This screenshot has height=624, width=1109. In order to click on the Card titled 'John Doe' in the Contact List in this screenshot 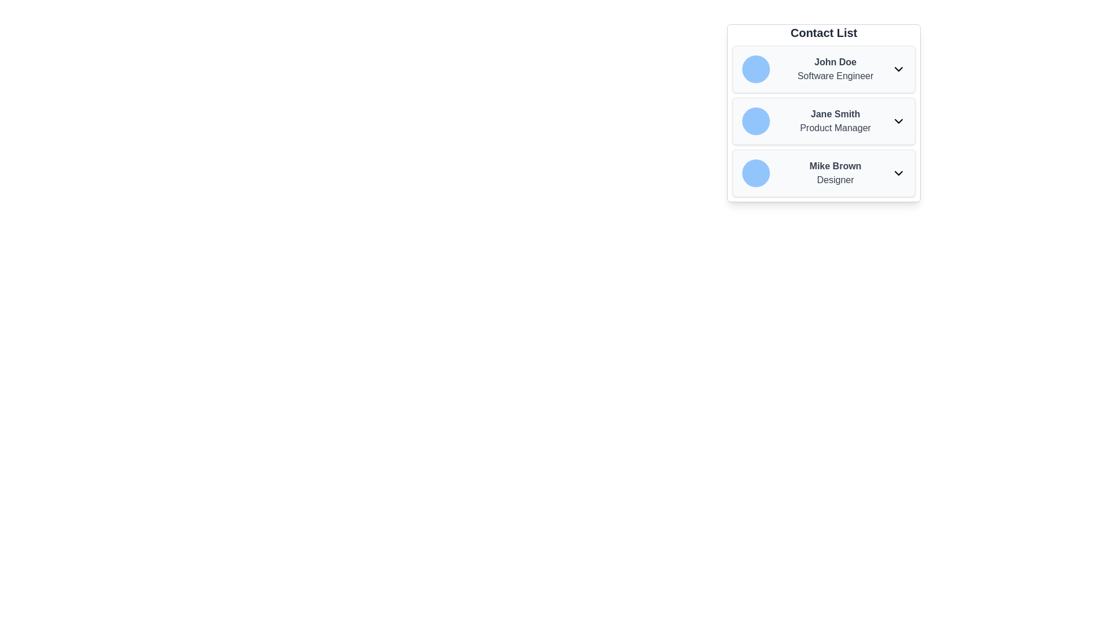, I will do `click(823, 69)`.